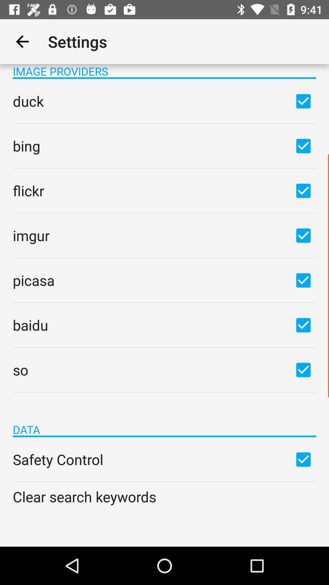  What do you see at coordinates (303, 369) in the screenshot?
I see `choose so` at bounding box center [303, 369].